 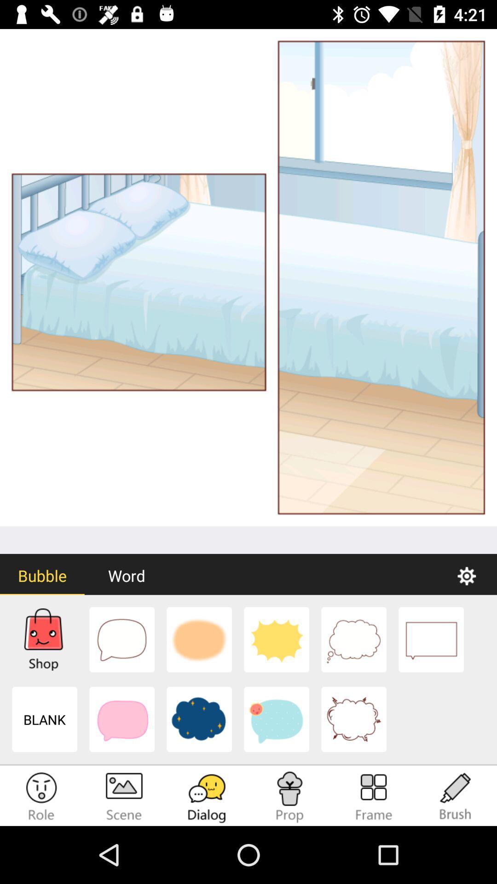 What do you see at coordinates (121, 719) in the screenshot?
I see `the pink chat icon which is just above the scene icon` at bounding box center [121, 719].